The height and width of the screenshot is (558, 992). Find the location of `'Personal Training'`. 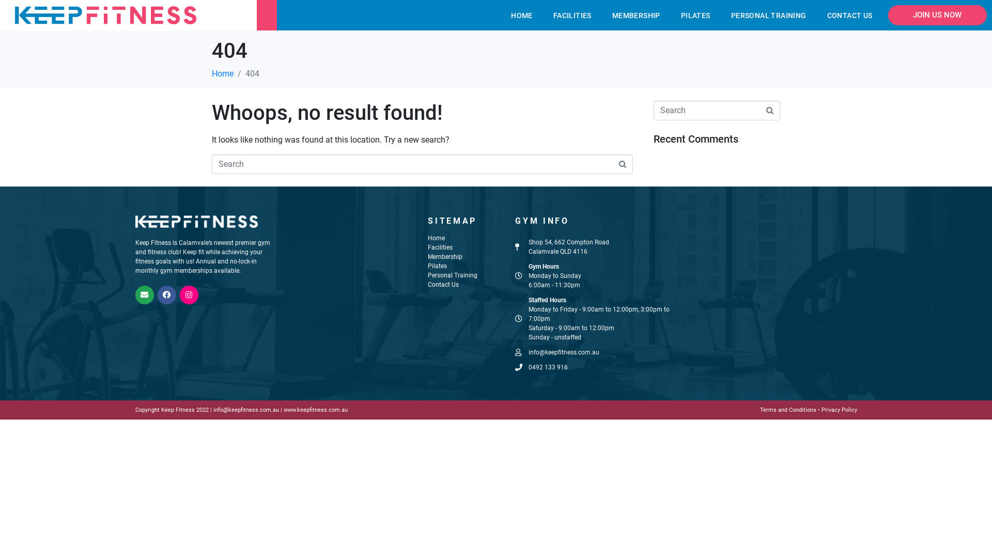

'Personal Training' is located at coordinates (453, 274).